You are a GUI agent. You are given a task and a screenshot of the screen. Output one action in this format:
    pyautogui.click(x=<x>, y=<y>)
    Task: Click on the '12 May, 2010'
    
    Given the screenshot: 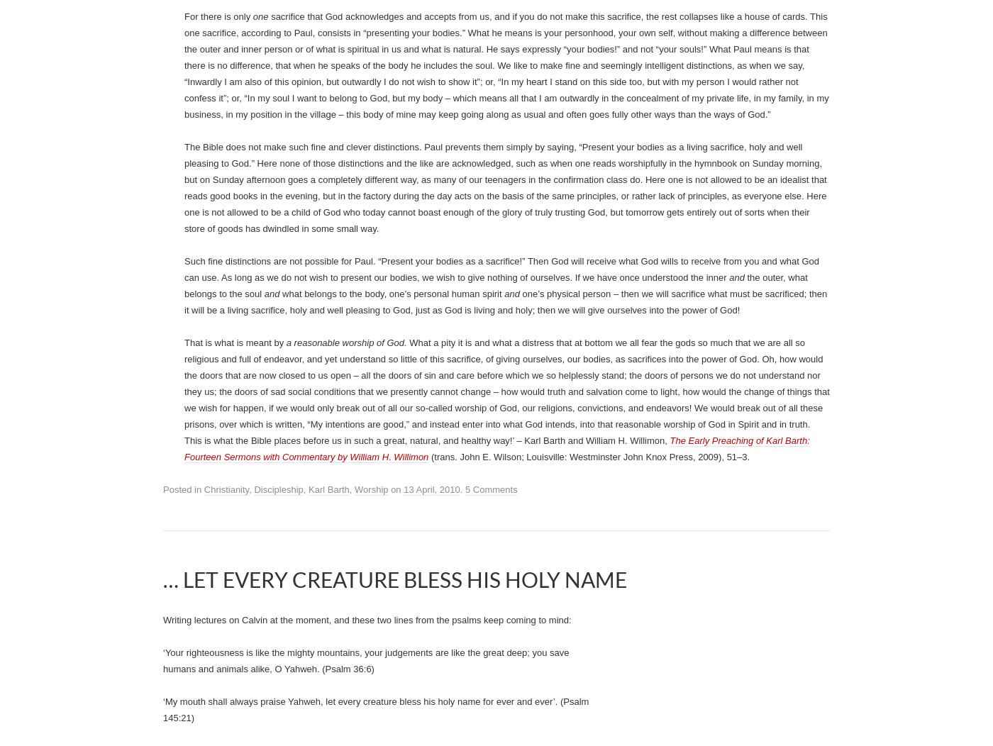 What is the action you would take?
    pyautogui.click(x=365, y=38)
    